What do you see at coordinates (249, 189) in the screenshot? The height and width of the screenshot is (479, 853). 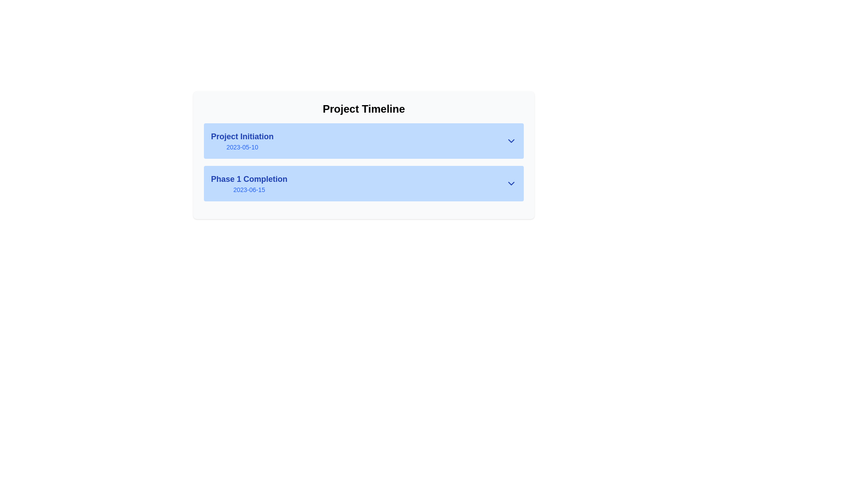 I see `displayed date text located below the 'Phase 1 Completion' label in the blue section of the UI` at bounding box center [249, 189].